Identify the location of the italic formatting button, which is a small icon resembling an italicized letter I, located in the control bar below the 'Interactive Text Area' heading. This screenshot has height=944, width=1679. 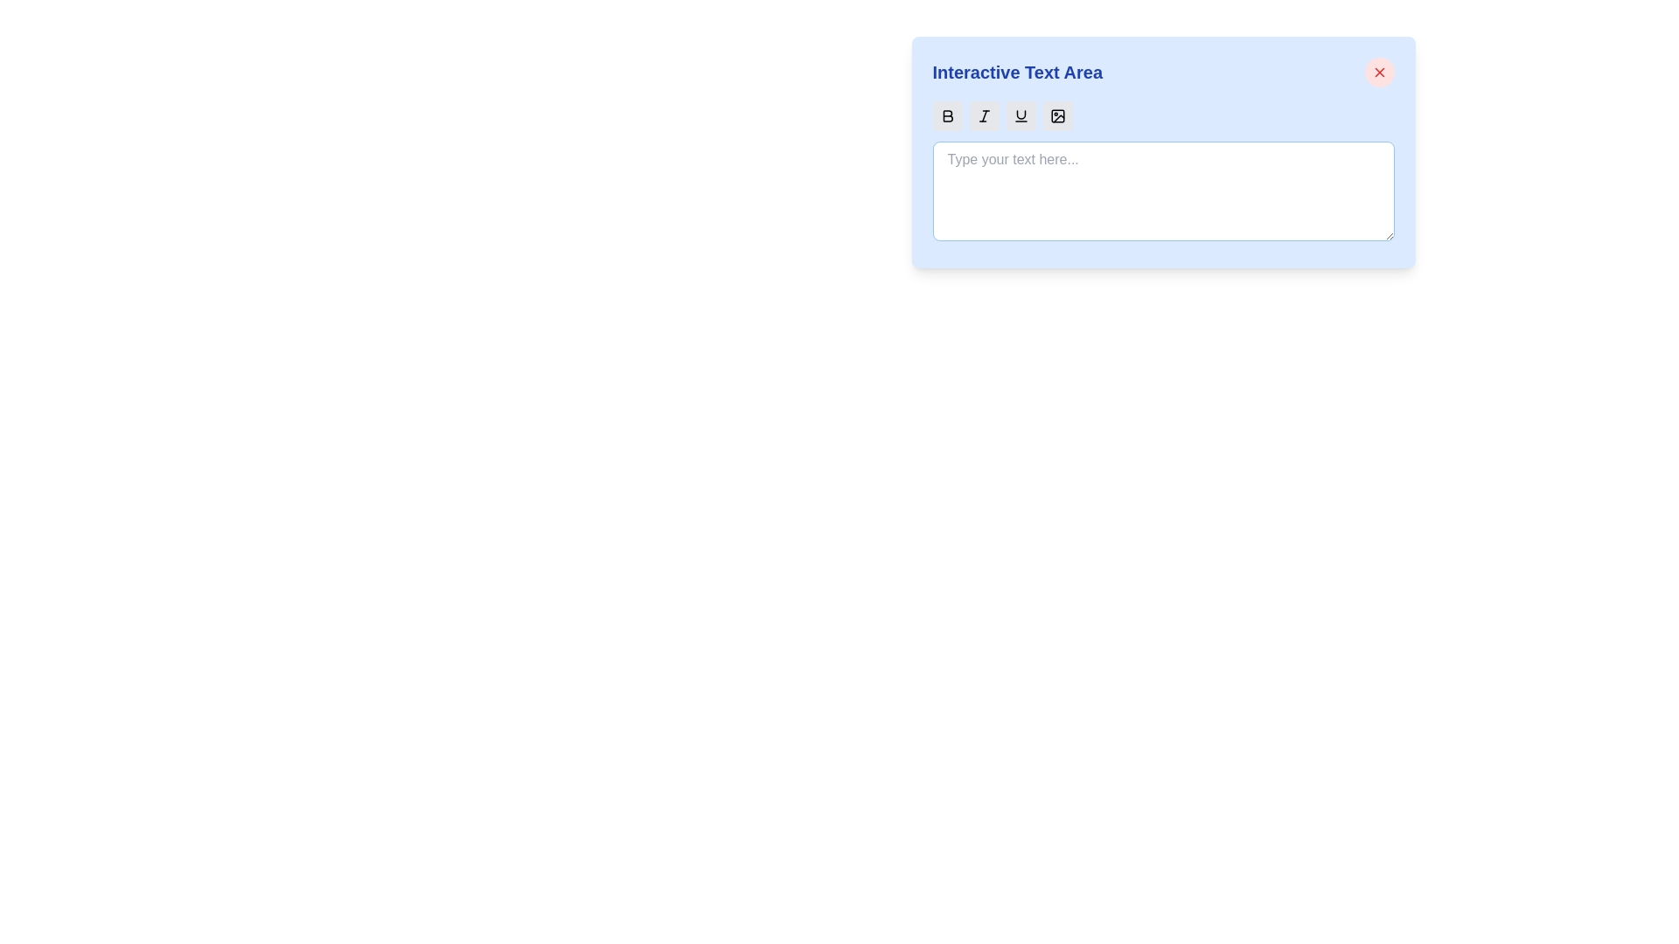
(984, 115).